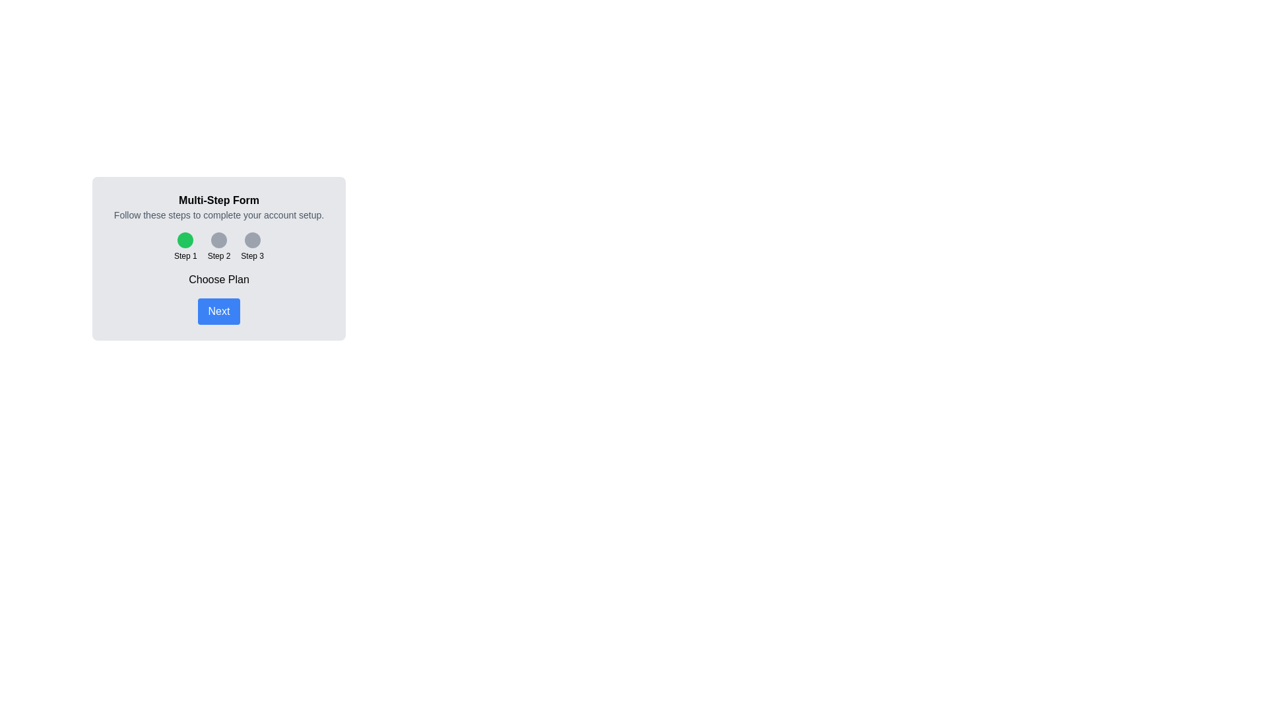  I want to click on the step indicator for Step 3, so click(252, 240).